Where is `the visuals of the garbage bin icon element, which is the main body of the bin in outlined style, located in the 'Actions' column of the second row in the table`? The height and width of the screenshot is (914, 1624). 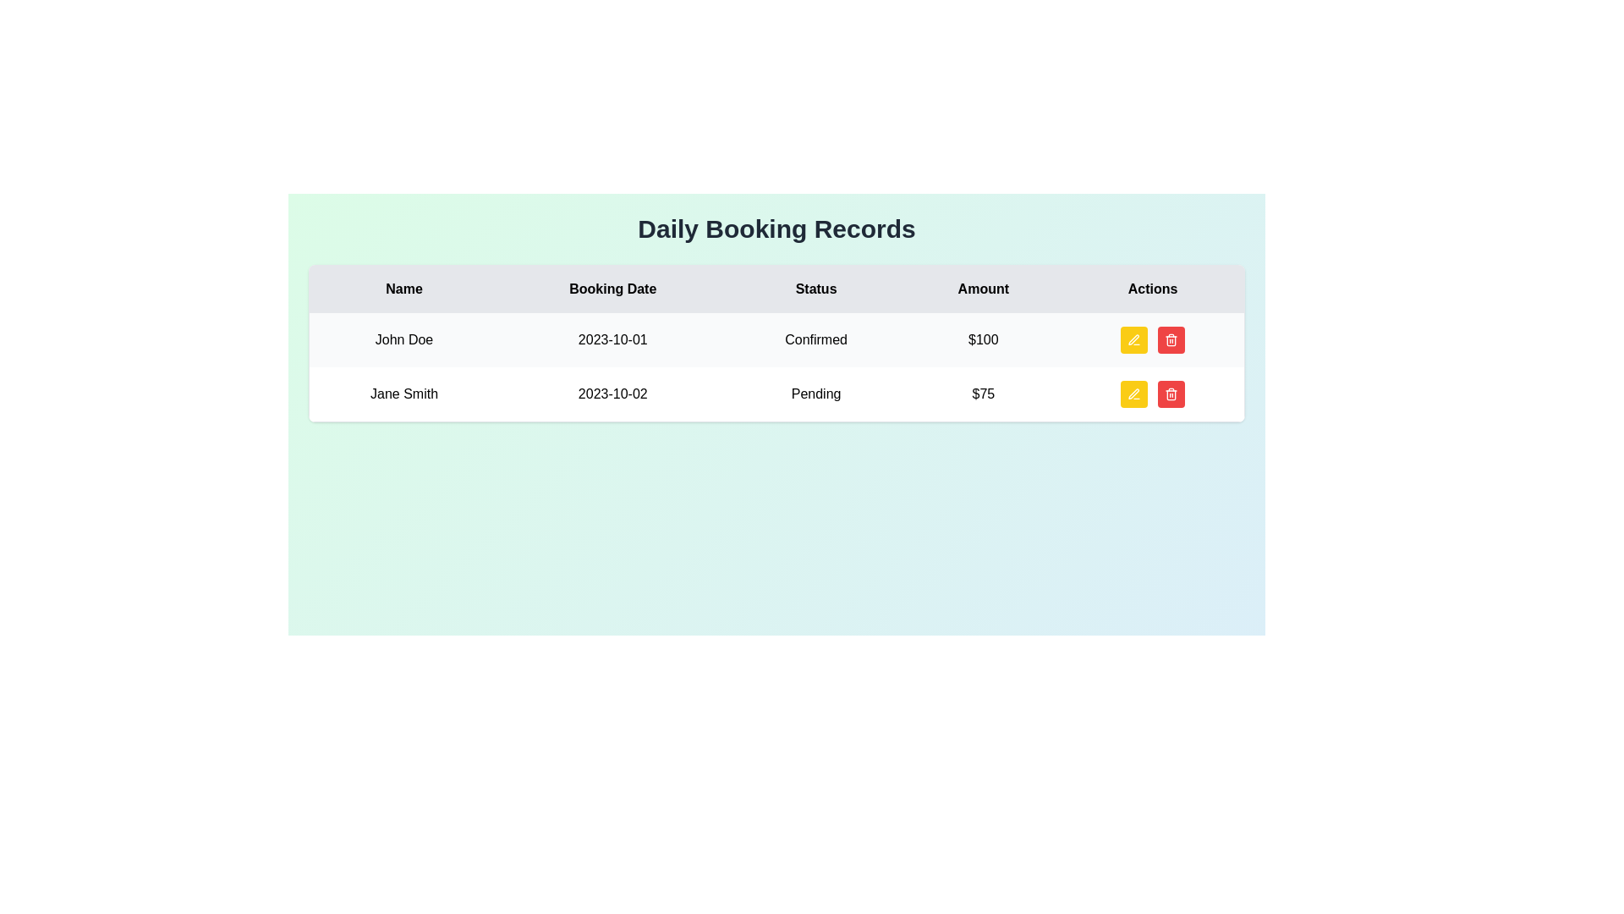 the visuals of the garbage bin icon element, which is the main body of the bin in outlined style, located in the 'Actions' column of the second row in the table is located at coordinates (1171, 341).